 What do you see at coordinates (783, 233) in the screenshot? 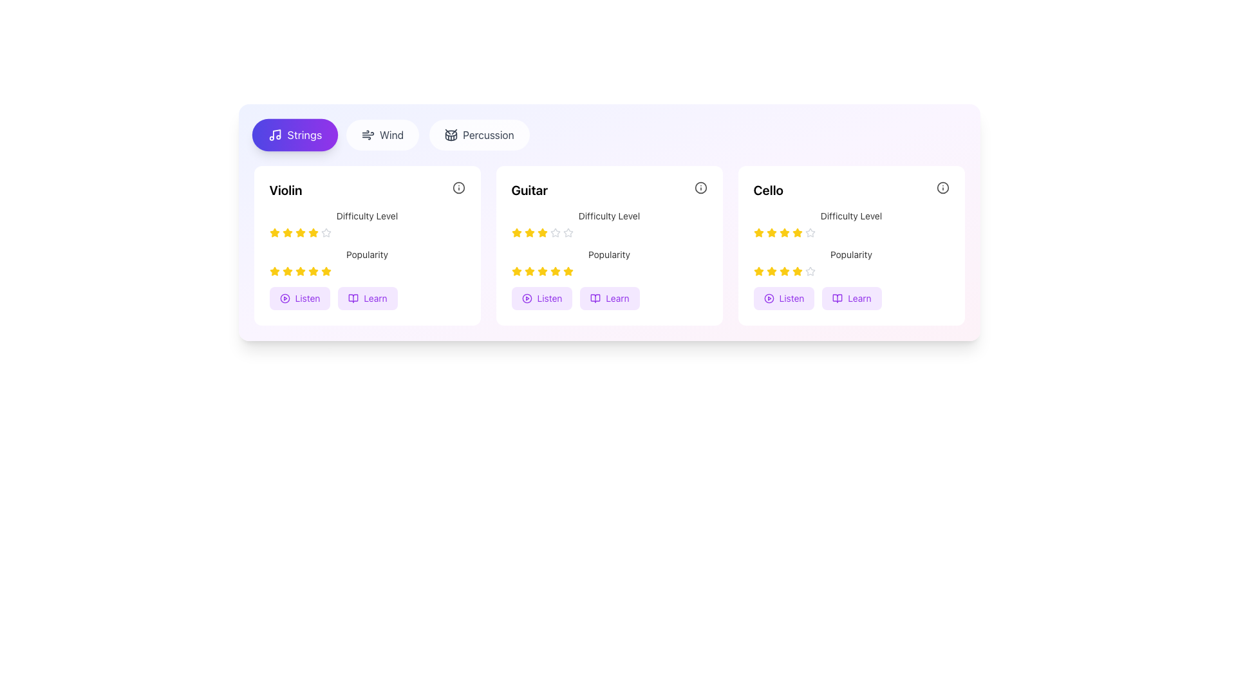
I see `the fourth star icon from the left in the 'Difficulty Level' section of the 'Cello' card to indicate the rating` at bounding box center [783, 233].